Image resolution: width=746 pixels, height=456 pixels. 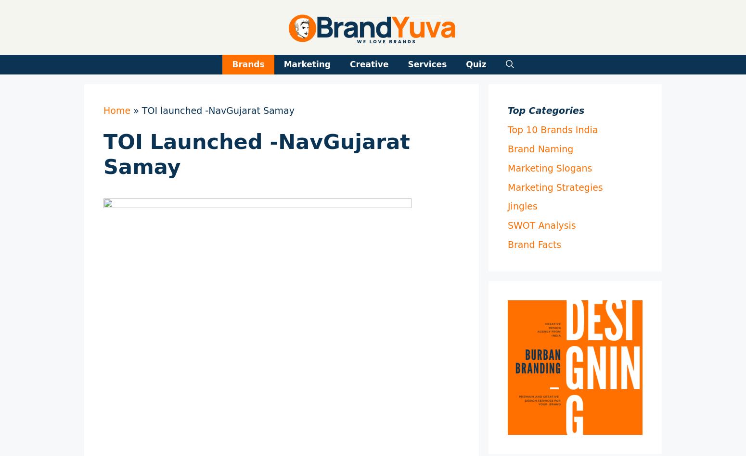 I want to click on 'Brand Facts', so click(x=534, y=244).